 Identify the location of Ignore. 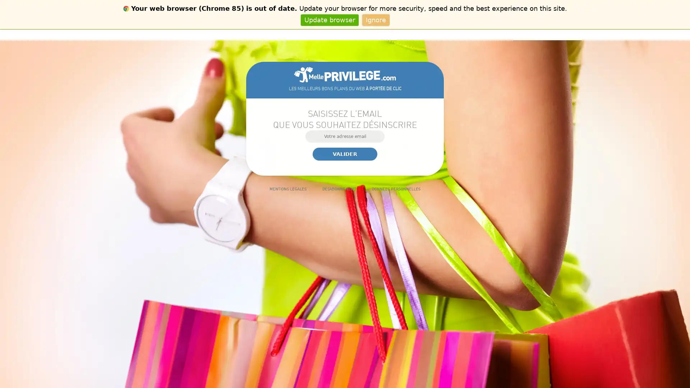
(375, 19).